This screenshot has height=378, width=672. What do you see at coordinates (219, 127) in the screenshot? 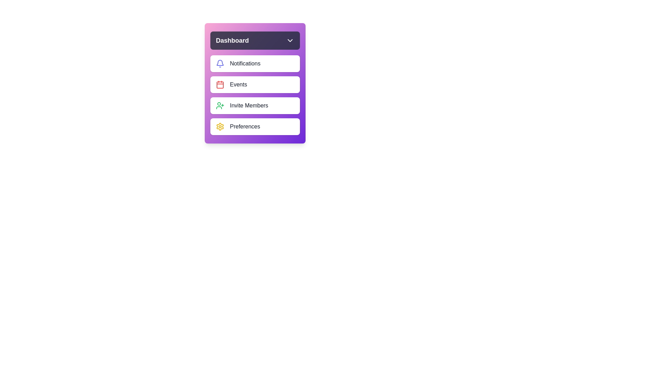
I see `the Preferences icon in the dashboard` at bounding box center [219, 127].